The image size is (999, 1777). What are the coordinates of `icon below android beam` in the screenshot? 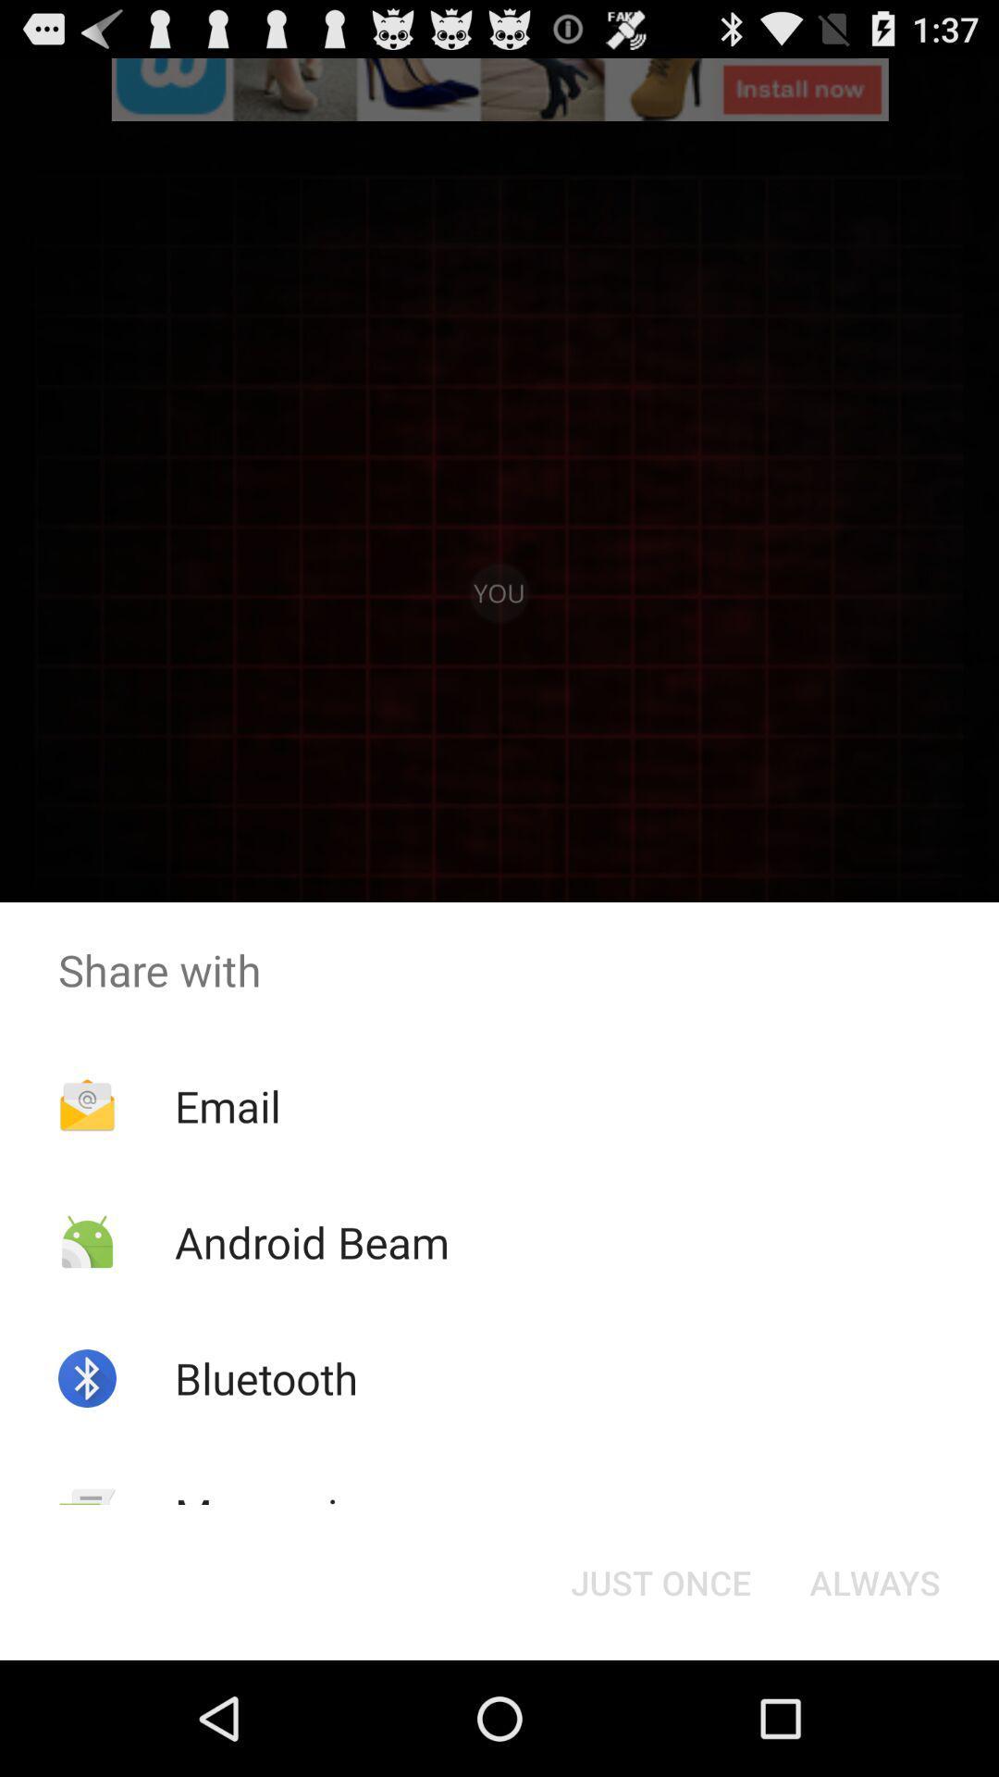 It's located at (266, 1378).